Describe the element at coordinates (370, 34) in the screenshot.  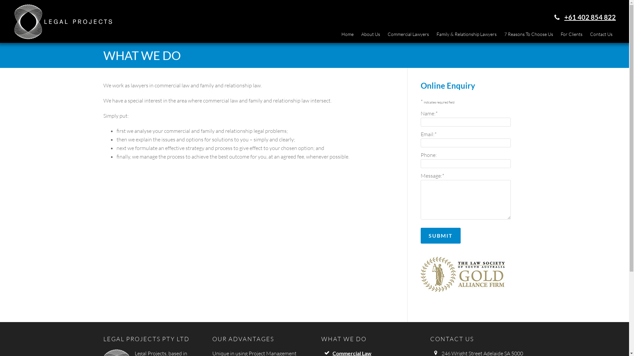
I see `'About Us'` at that location.